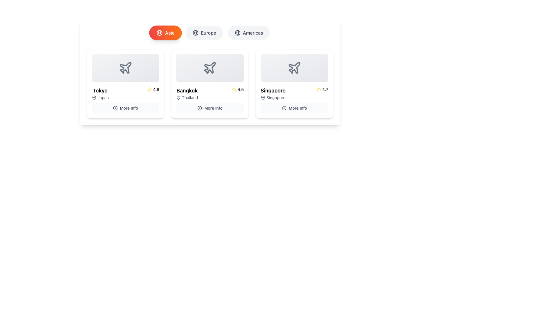 Image resolution: width=558 pixels, height=314 pixels. Describe the element at coordinates (159, 33) in the screenshot. I see `the circle element representing a globe icon, which is part of an SVG graphic located near the top of the interface` at that location.